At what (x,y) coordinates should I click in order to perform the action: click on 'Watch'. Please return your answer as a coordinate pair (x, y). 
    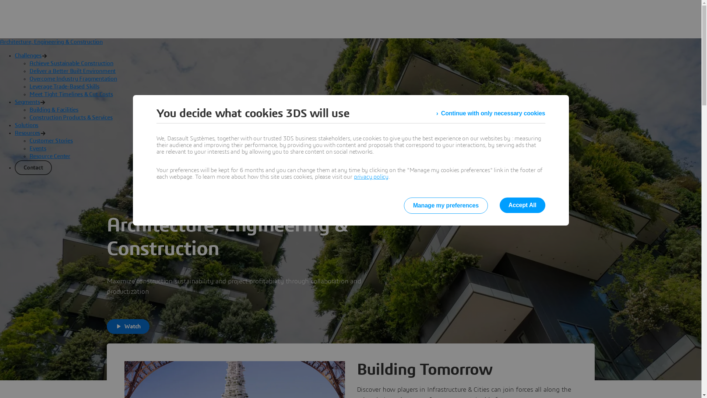
    Looking at the image, I should click on (128, 326).